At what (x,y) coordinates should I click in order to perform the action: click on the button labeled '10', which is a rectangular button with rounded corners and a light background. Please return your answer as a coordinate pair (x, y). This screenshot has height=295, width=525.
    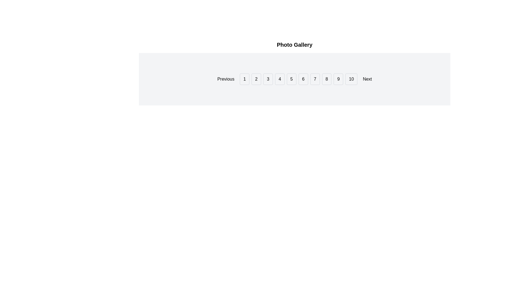
    Looking at the image, I should click on (351, 79).